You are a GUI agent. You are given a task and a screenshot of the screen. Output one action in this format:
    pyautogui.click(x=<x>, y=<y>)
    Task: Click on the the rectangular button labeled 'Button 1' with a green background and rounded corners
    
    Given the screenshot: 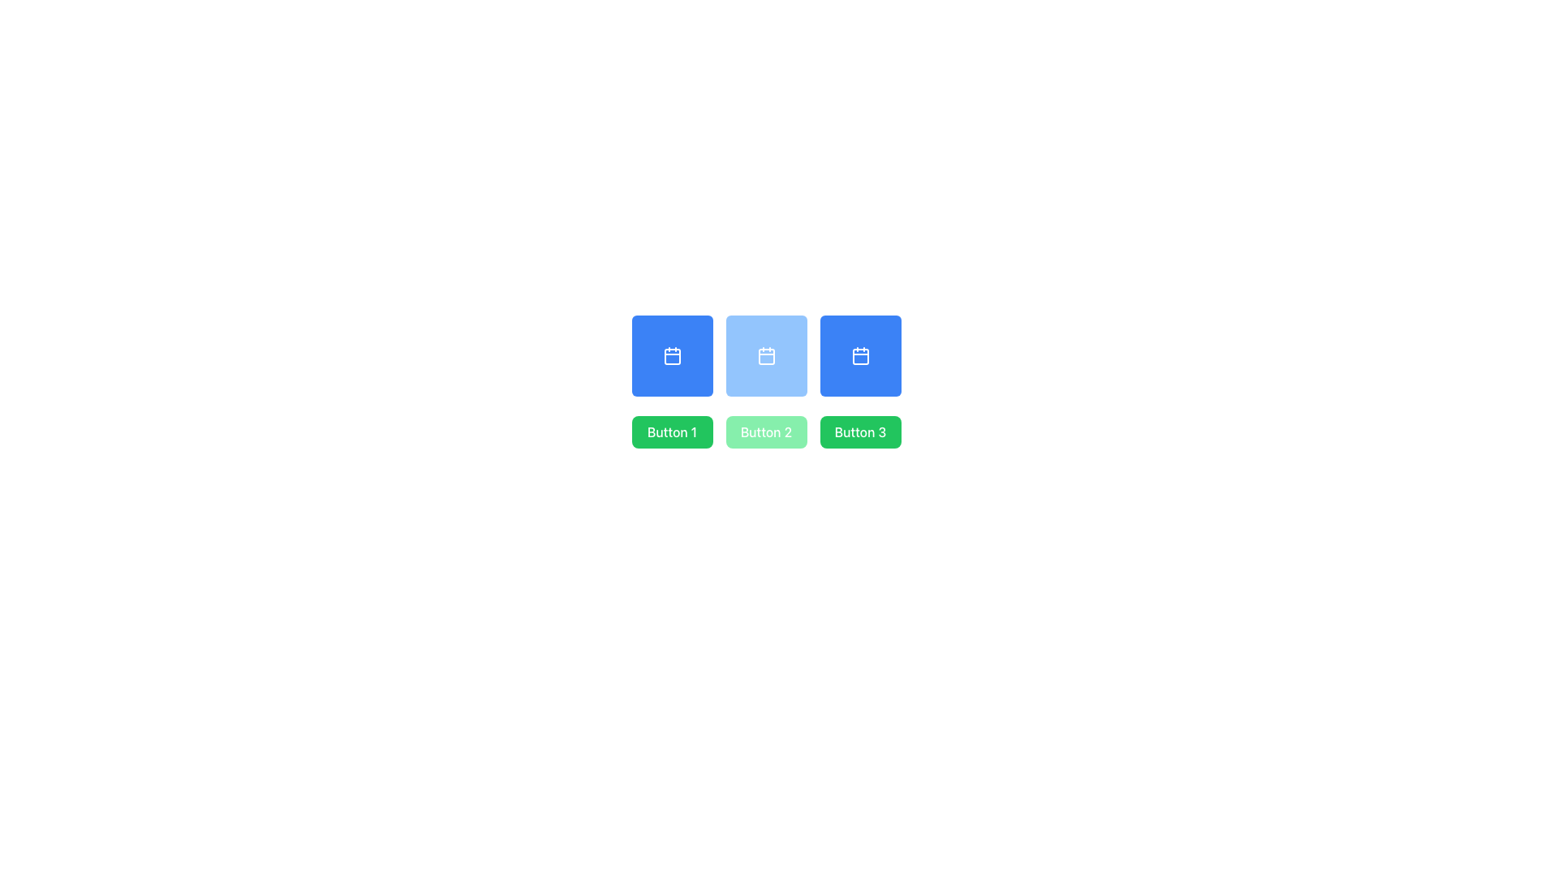 What is the action you would take?
    pyautogui.click(x=672, y=431)
    